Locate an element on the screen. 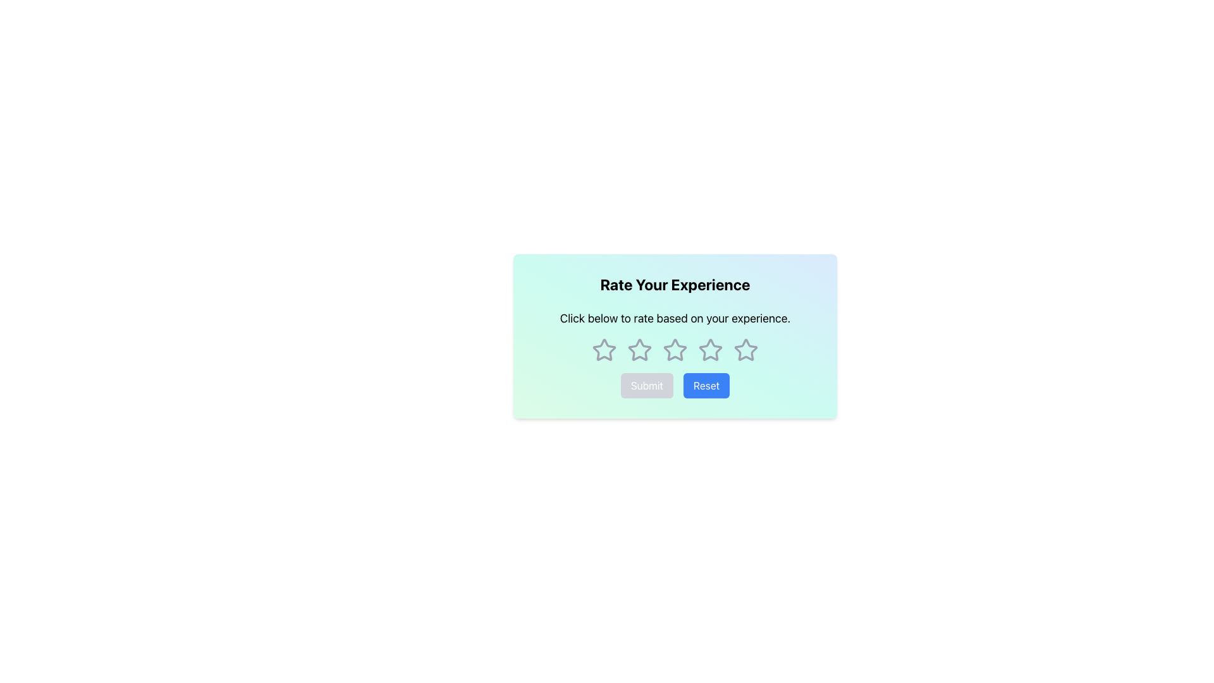 The height and width of the screenshot is (683, 1214). the first star icon in the rating system to trigger its hover effect is located at coordinates (603, 350).